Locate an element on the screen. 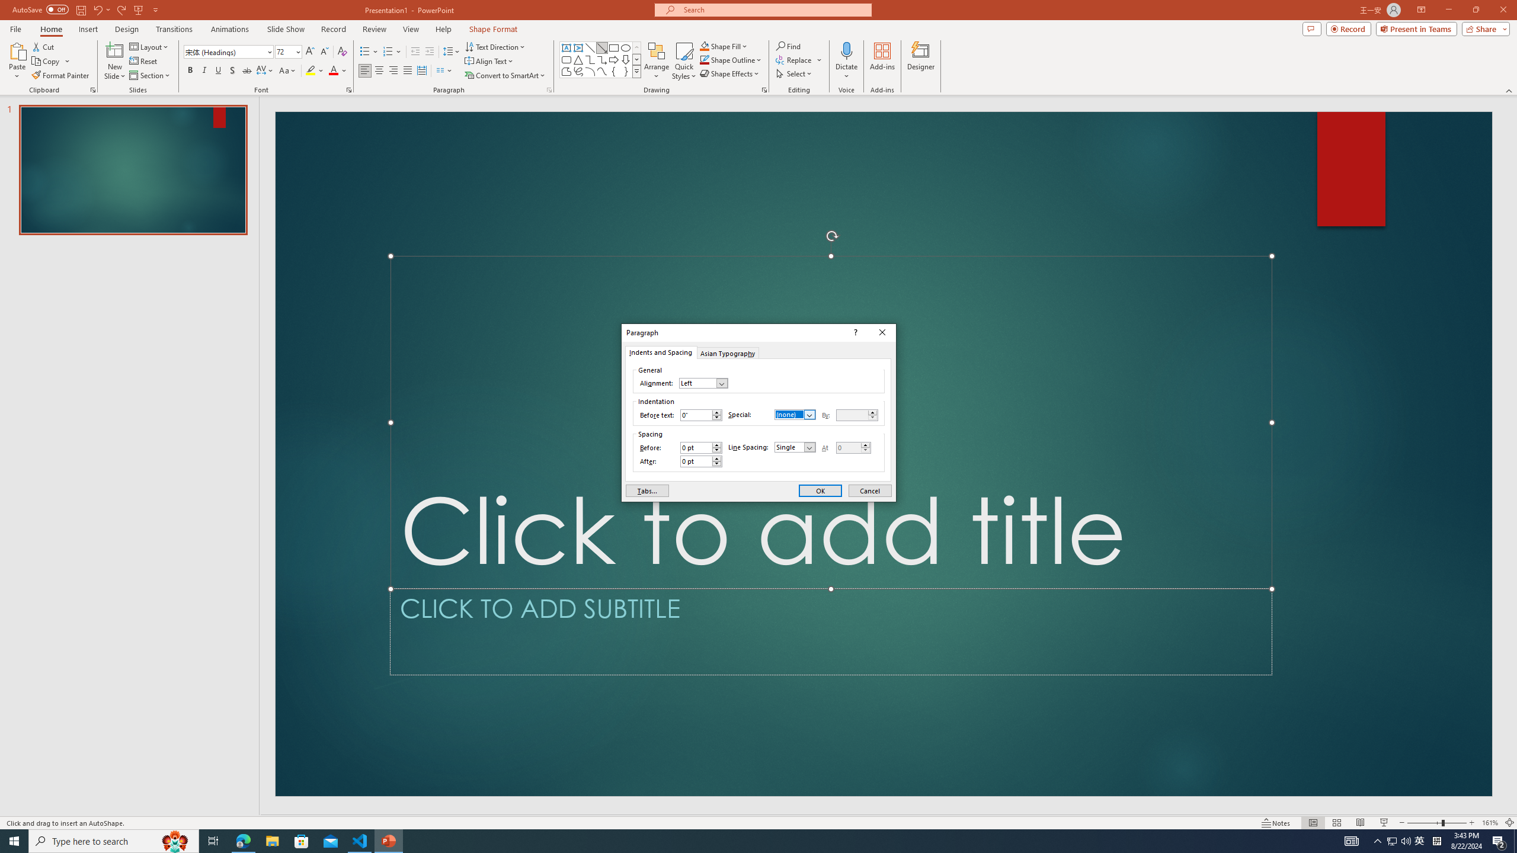 The image size is (1517, 853). 'Shadow' is located at coordinates (232, 70).